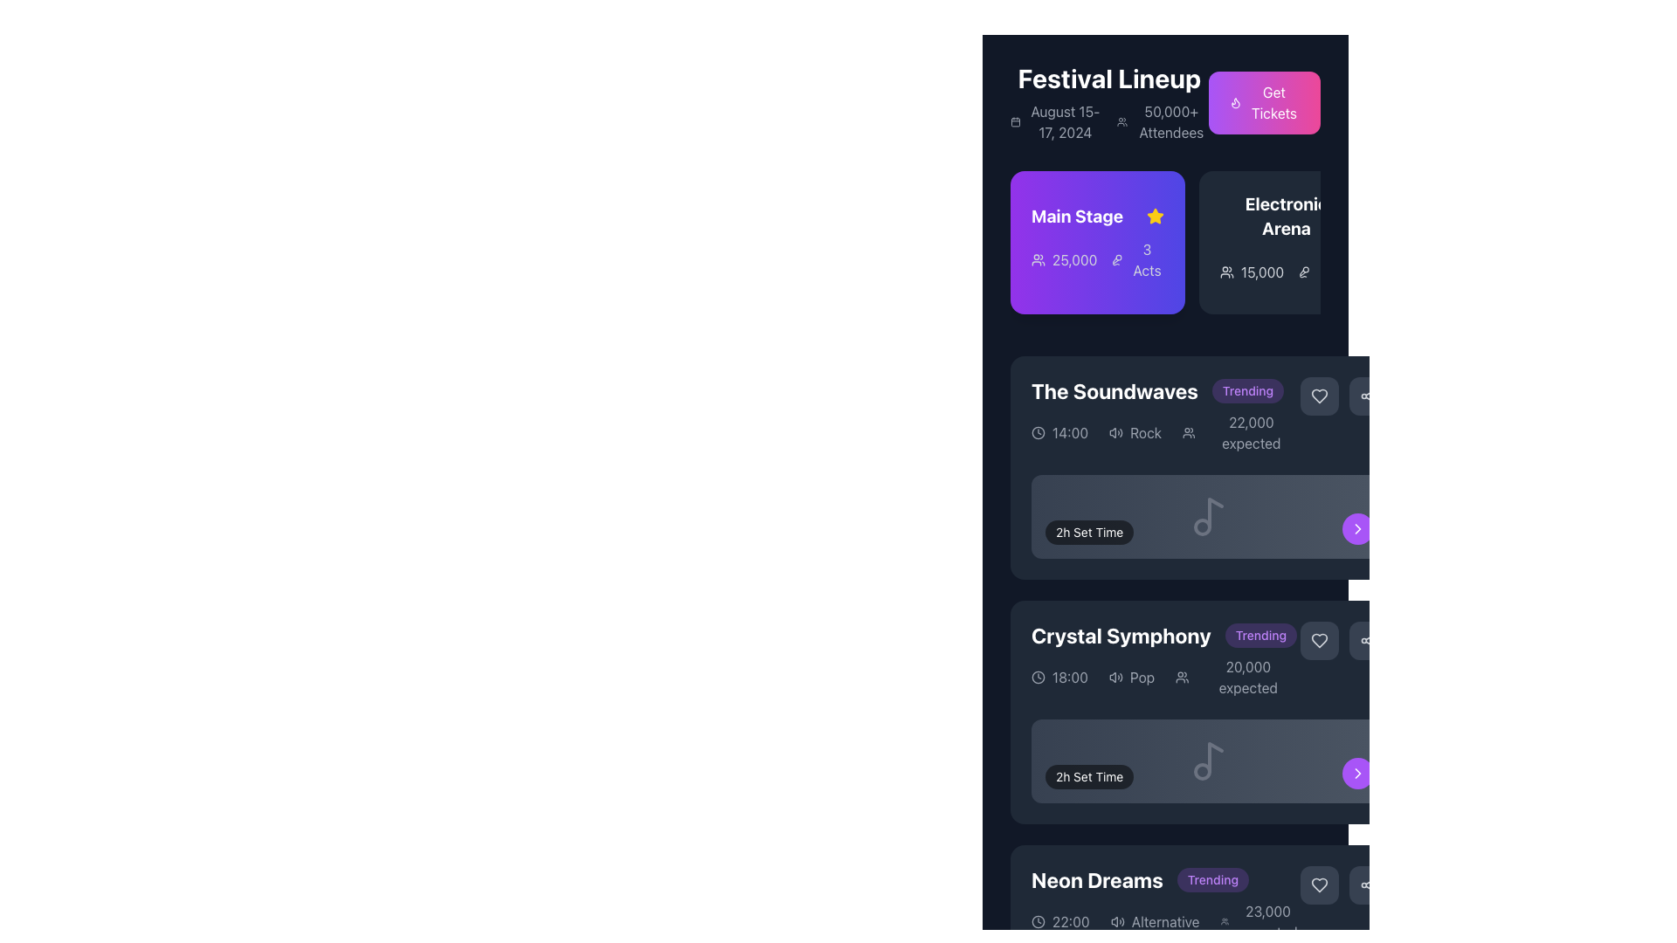 The width and height of the screenshot is (1677, 943). Describe the element at coordinates (1115, 432) in the screenshot. I see `the leftmost sound icon representing the music genre 'Rock'` at that location.